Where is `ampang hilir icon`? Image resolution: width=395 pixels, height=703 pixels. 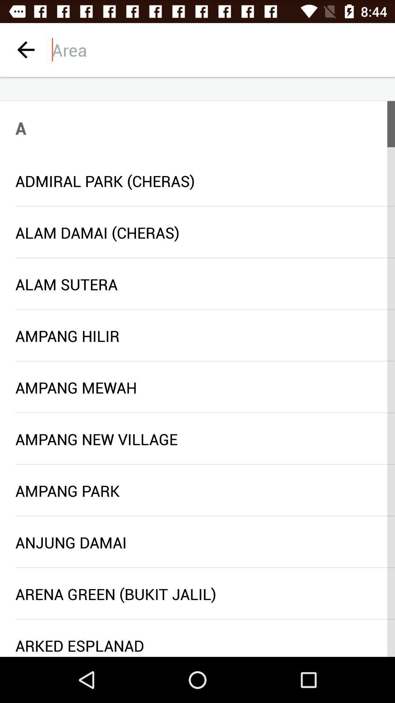
ampang hilir icon is located at coordinates (197, 335).